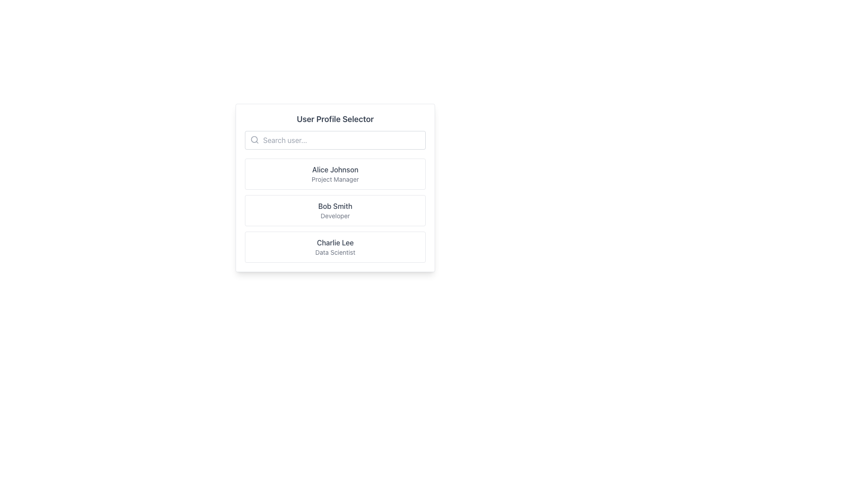  I want to click on the text label indicating the professional role of the user 'Charlie Lee', which is located directly below the user's name in the card interface, so click(335, 253).